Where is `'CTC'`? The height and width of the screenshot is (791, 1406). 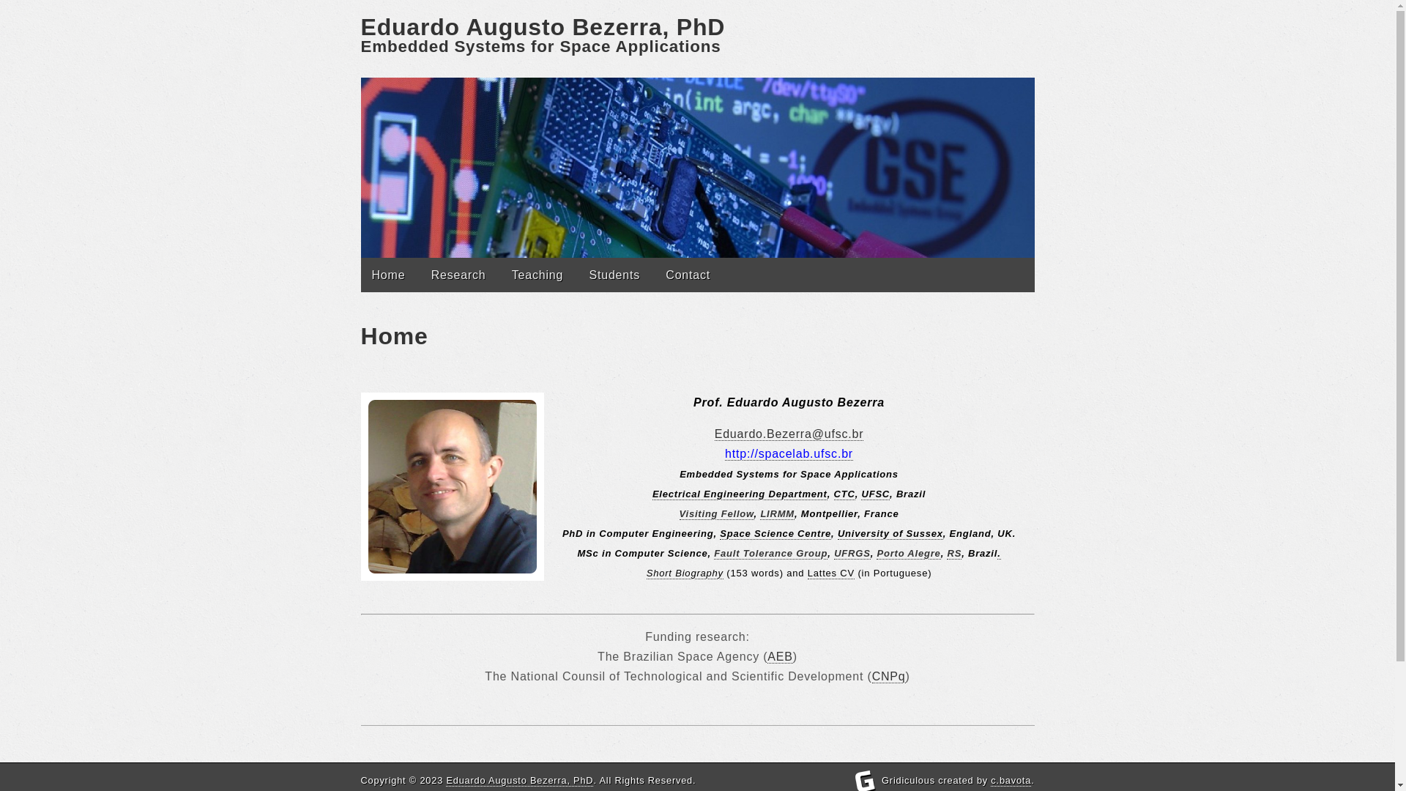
'CTC' is located at coordinates (844, 494).